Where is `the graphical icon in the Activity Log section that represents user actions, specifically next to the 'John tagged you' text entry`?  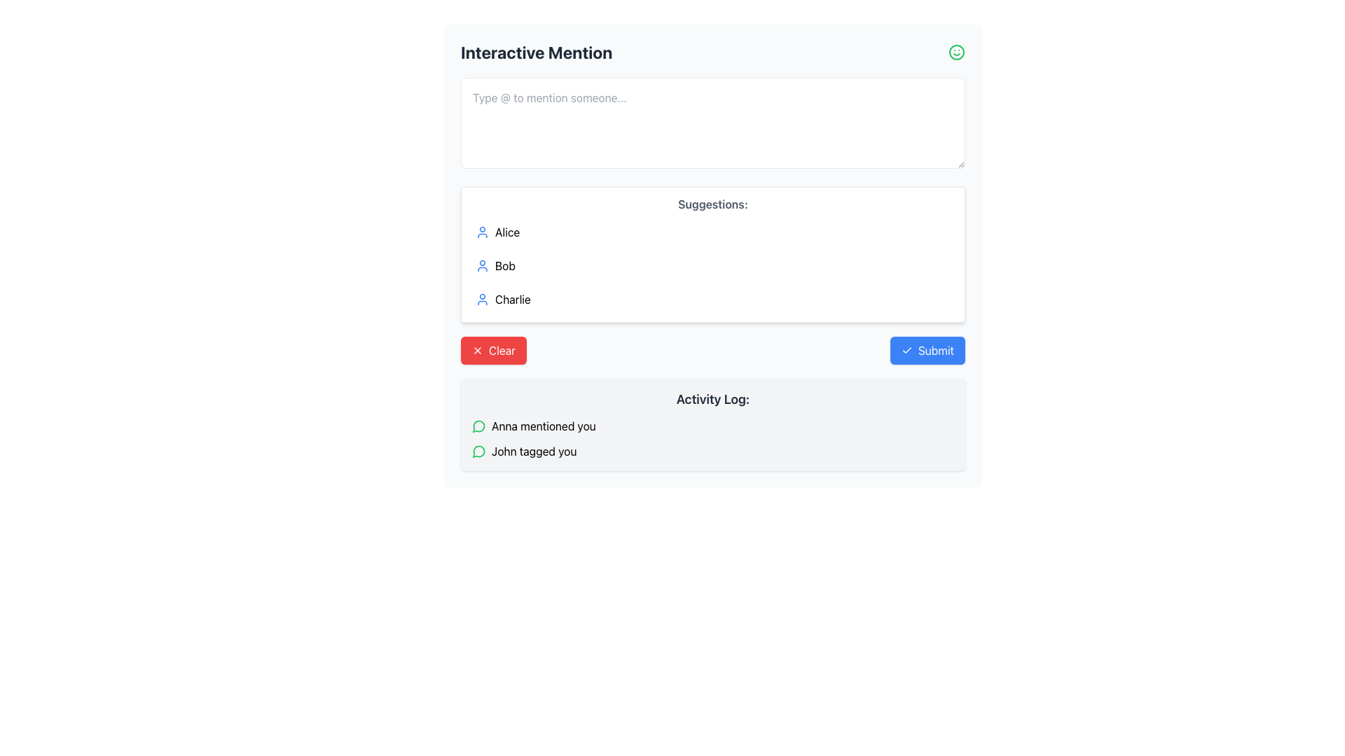 the graphical icon in the Activity Log section that represents user actions, specifically next to the 'John tagged you' text entry is located at coordinates (478, 451).